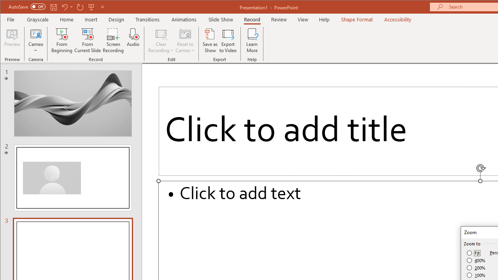 The height and width of the screenshot is (280, 498). Describe the element at coordinates (113, 40) in the screenshot. I see `'Screen Recording'` at that location.